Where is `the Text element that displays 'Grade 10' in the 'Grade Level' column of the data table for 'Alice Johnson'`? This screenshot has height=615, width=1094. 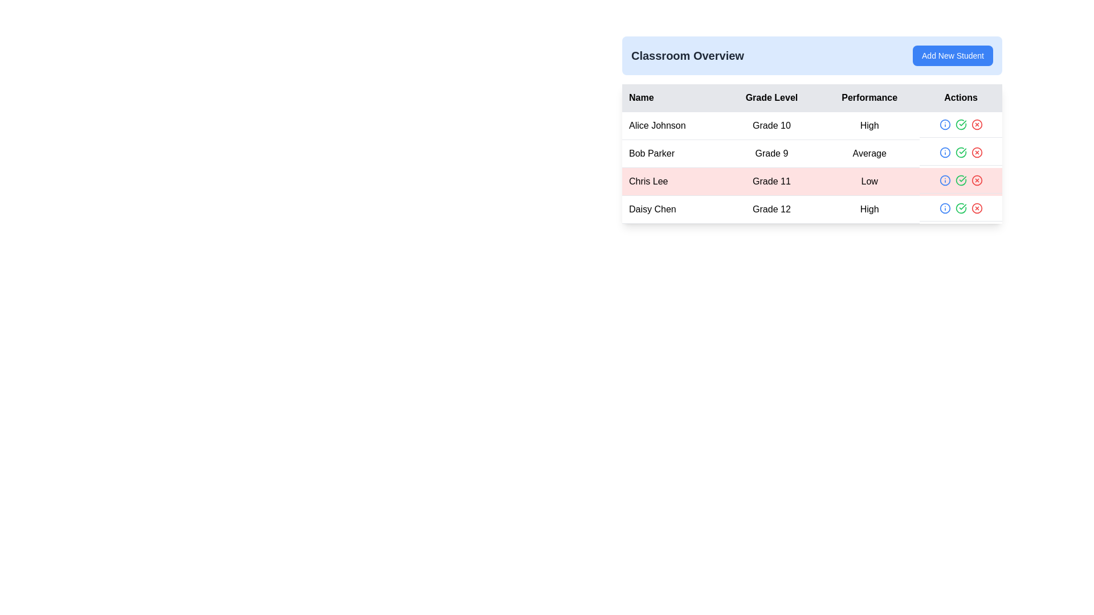 the Text element that displays 'Grade 10' in the 'Grade Level' column of the data table for 'Alice Johnson' is located at coordinates (771, 125).